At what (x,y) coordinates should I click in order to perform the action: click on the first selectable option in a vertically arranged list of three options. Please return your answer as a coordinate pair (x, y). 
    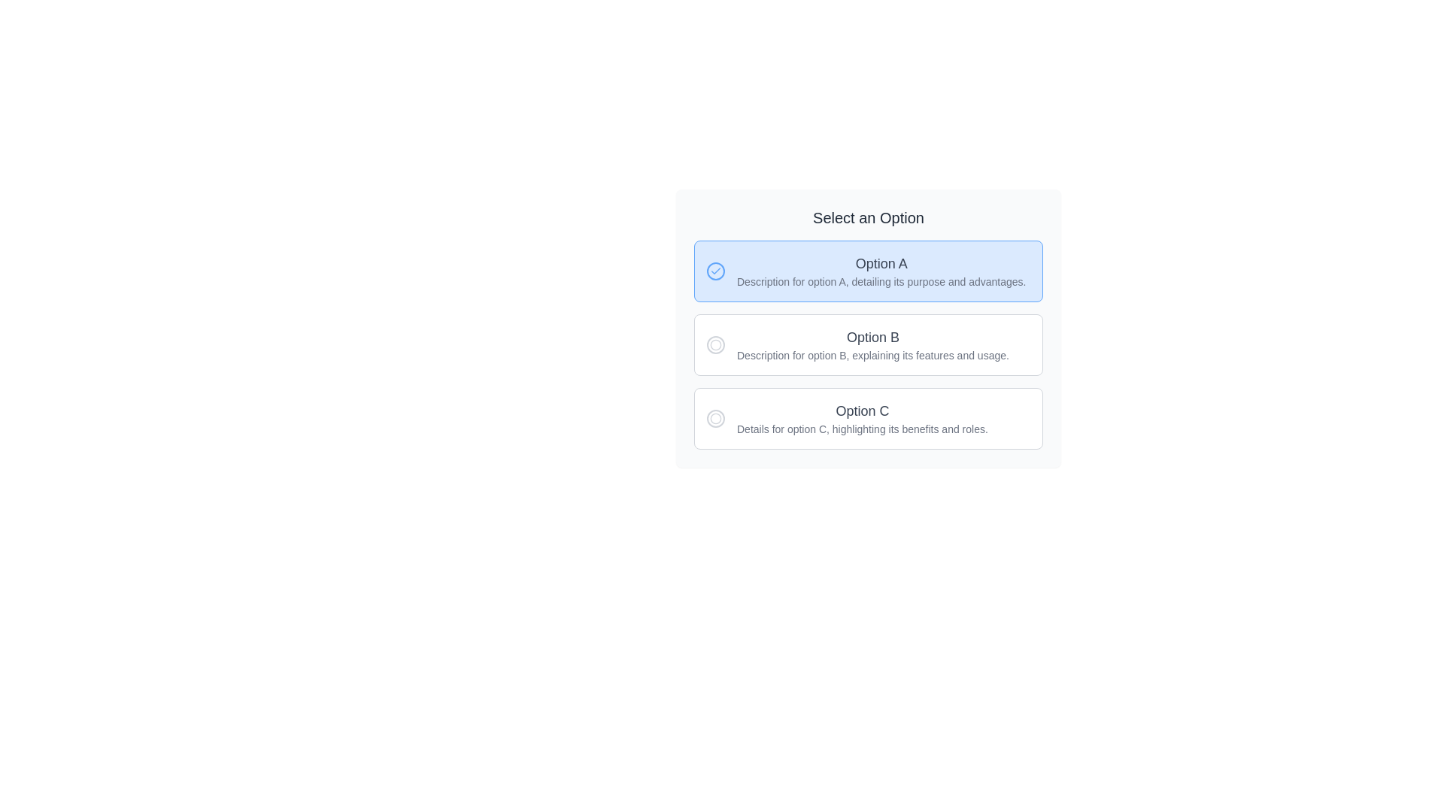
    Looking at the image, I should click on (869, 271).